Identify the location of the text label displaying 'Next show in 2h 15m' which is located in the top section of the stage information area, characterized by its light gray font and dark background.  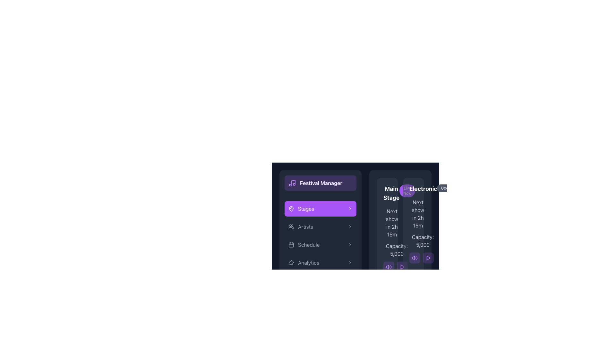
(387, 223).